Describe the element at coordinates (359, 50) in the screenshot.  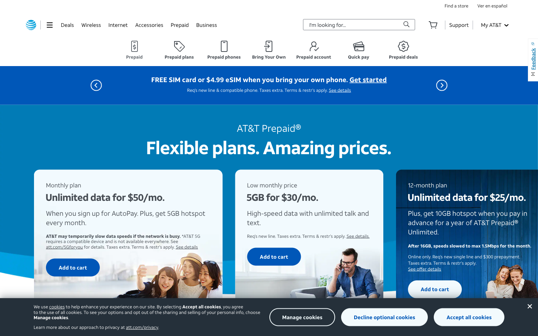
I see `the "Quick Pay" section` at that location.